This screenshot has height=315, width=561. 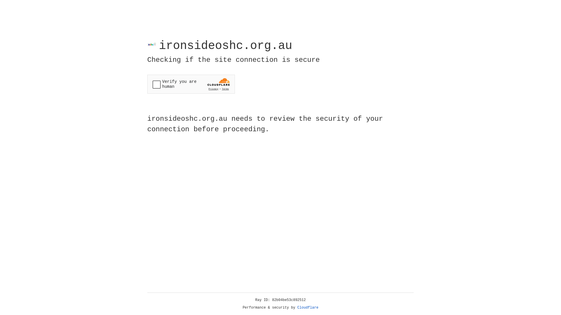 I want to click on 'Widget containing a Cloudflare security challenge', so click(x=191, y=84).